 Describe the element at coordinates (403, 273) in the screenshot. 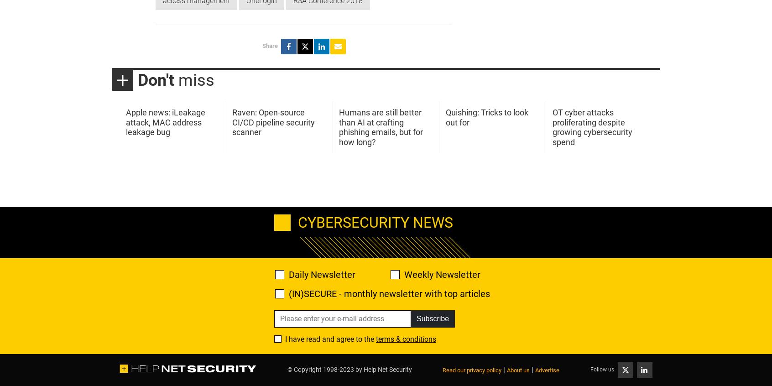

I see `'Weekly Newsletter'` at that location.